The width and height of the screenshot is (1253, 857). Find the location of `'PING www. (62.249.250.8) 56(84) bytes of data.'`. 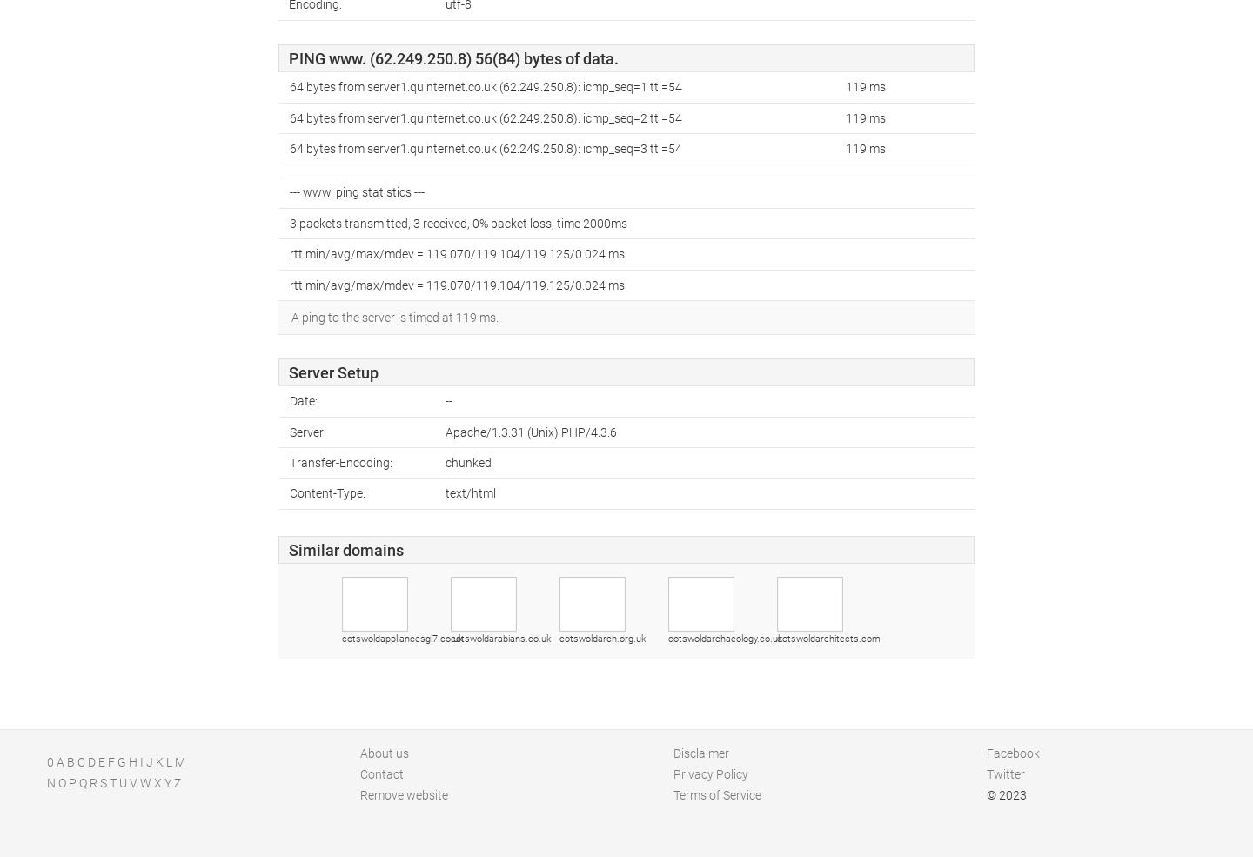

'PING www. (62.249.250.8) 56(84) bytes of data.' is located at coordinates (452, 57).